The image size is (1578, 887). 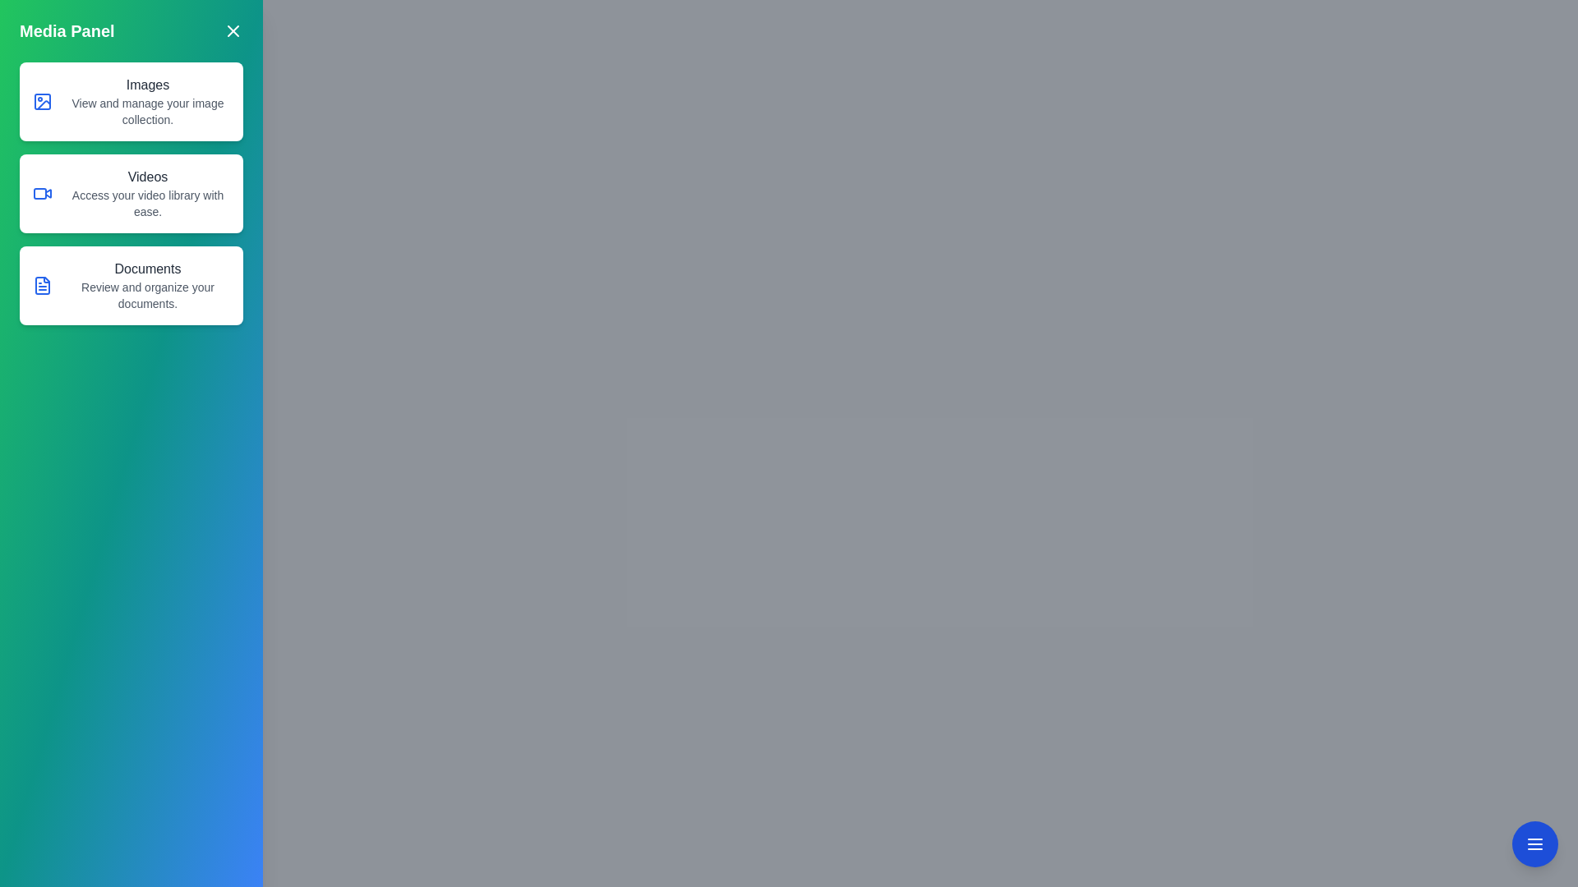 I want to click on the first selectable option button in the vertical list located above 'Videos' and 'Documents', so click(x=130, y=101).